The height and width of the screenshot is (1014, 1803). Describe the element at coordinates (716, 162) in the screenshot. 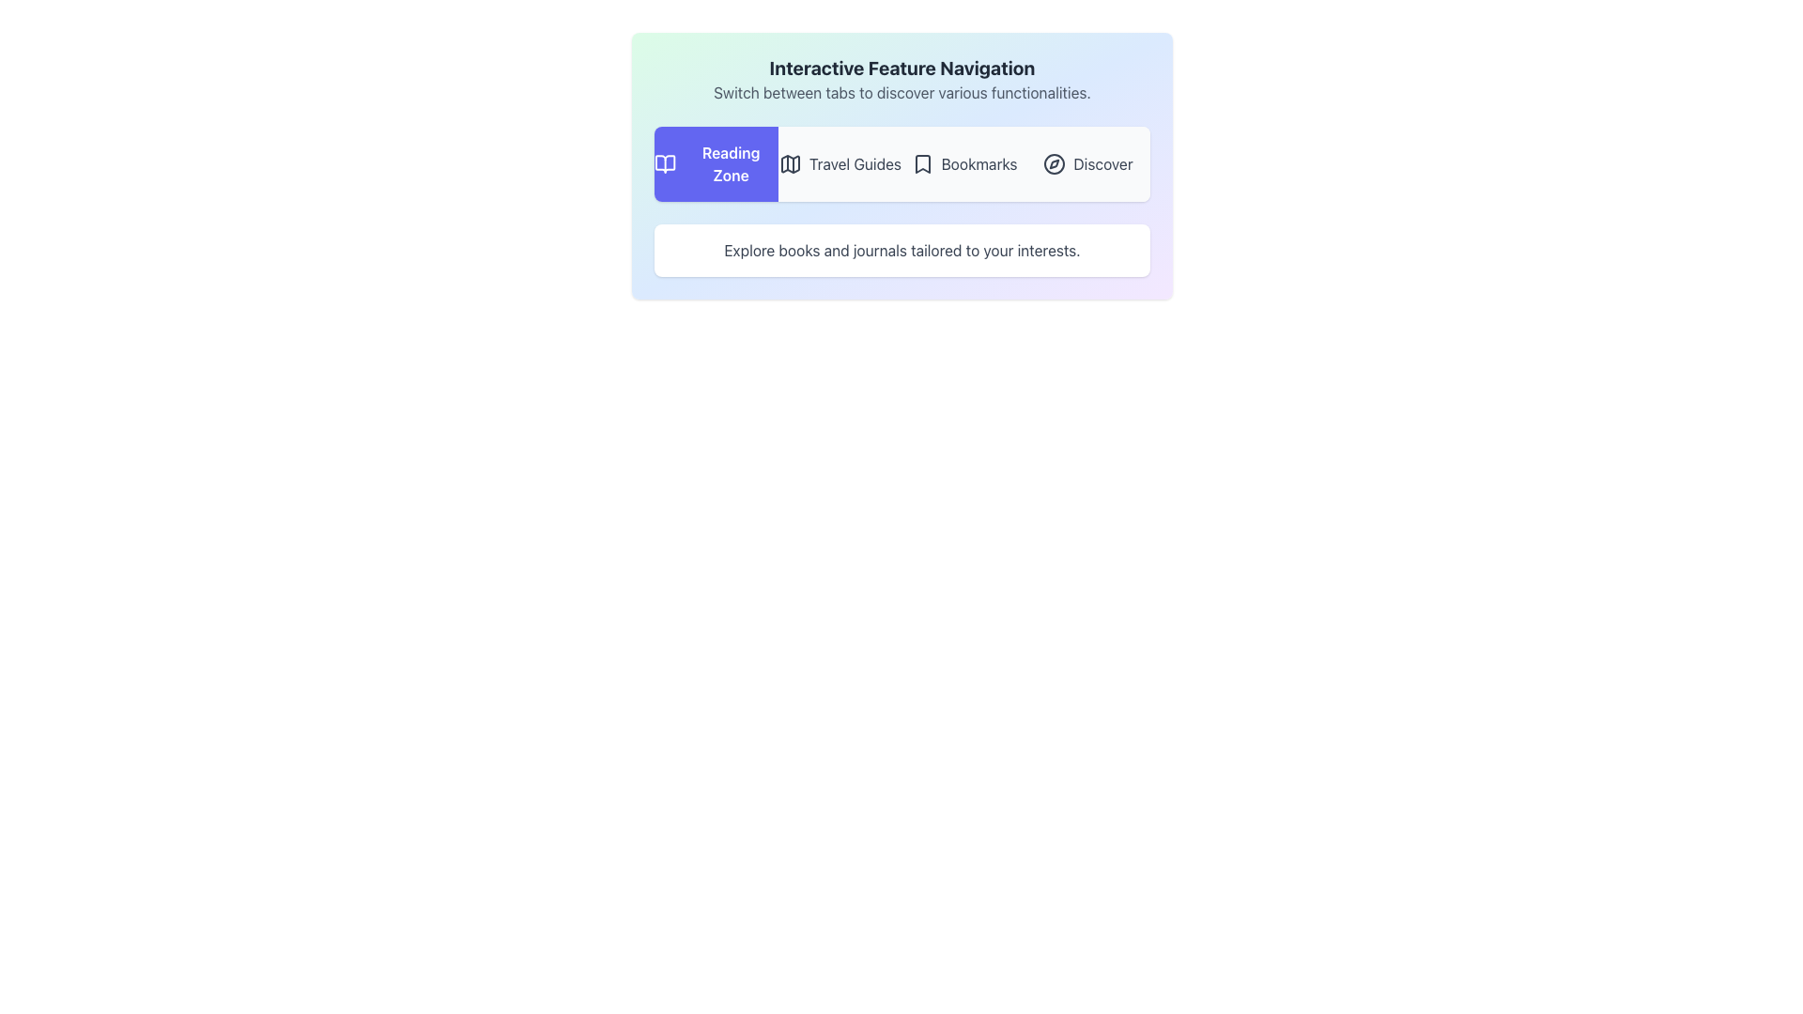

I see `the first button on the left in the horizontal row` at that location.